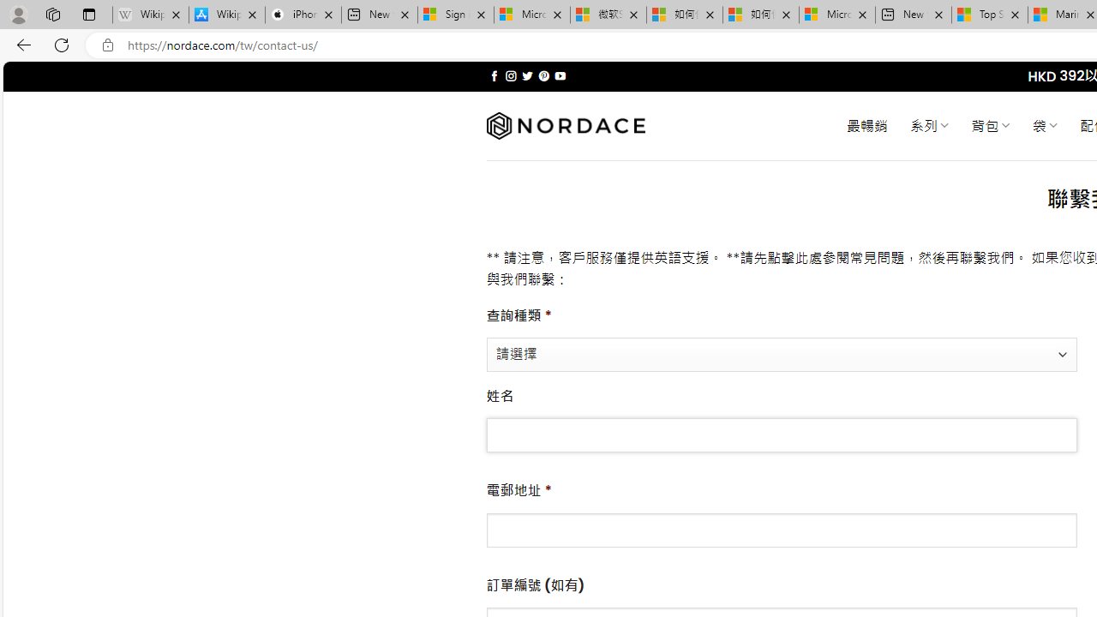 This screenshot has height=617, width=1097. Describe the element at coordinates (565, 125) in the screenshot. I see `'Nordace'` at that location.